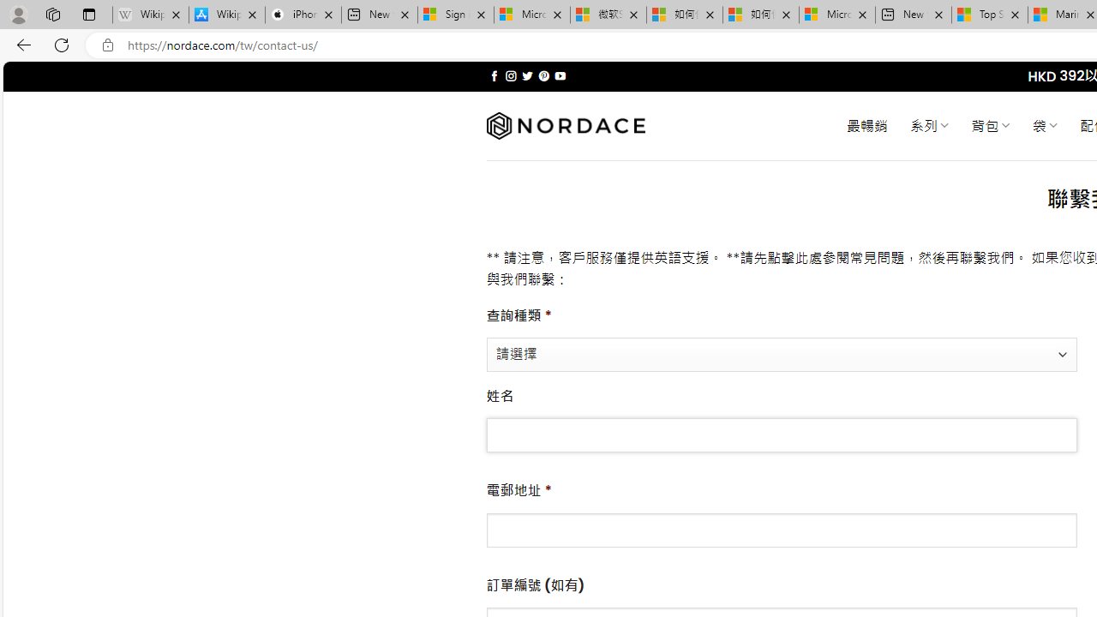 This screenshot has height=617, width=1097. Describe the element at coordinates (565, 125) in the screenshot. I see `'Nordace'` at that location.